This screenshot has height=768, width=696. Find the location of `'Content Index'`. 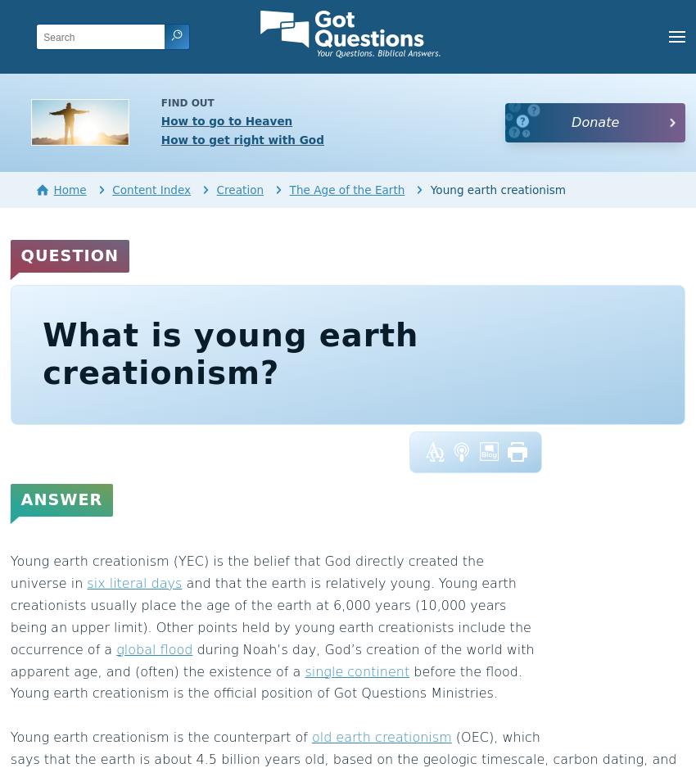

'Content Index' is located at coordinates (150, 189).